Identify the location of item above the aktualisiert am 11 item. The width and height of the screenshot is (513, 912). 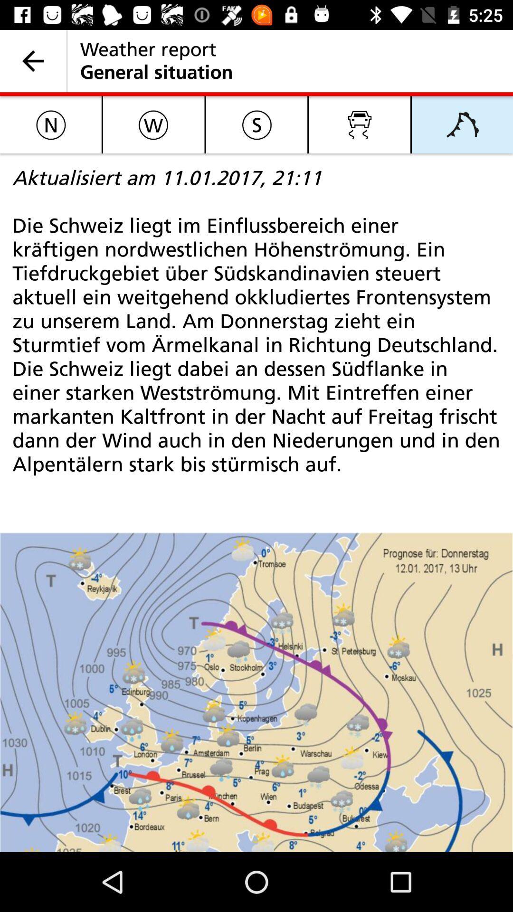
(360, 124).